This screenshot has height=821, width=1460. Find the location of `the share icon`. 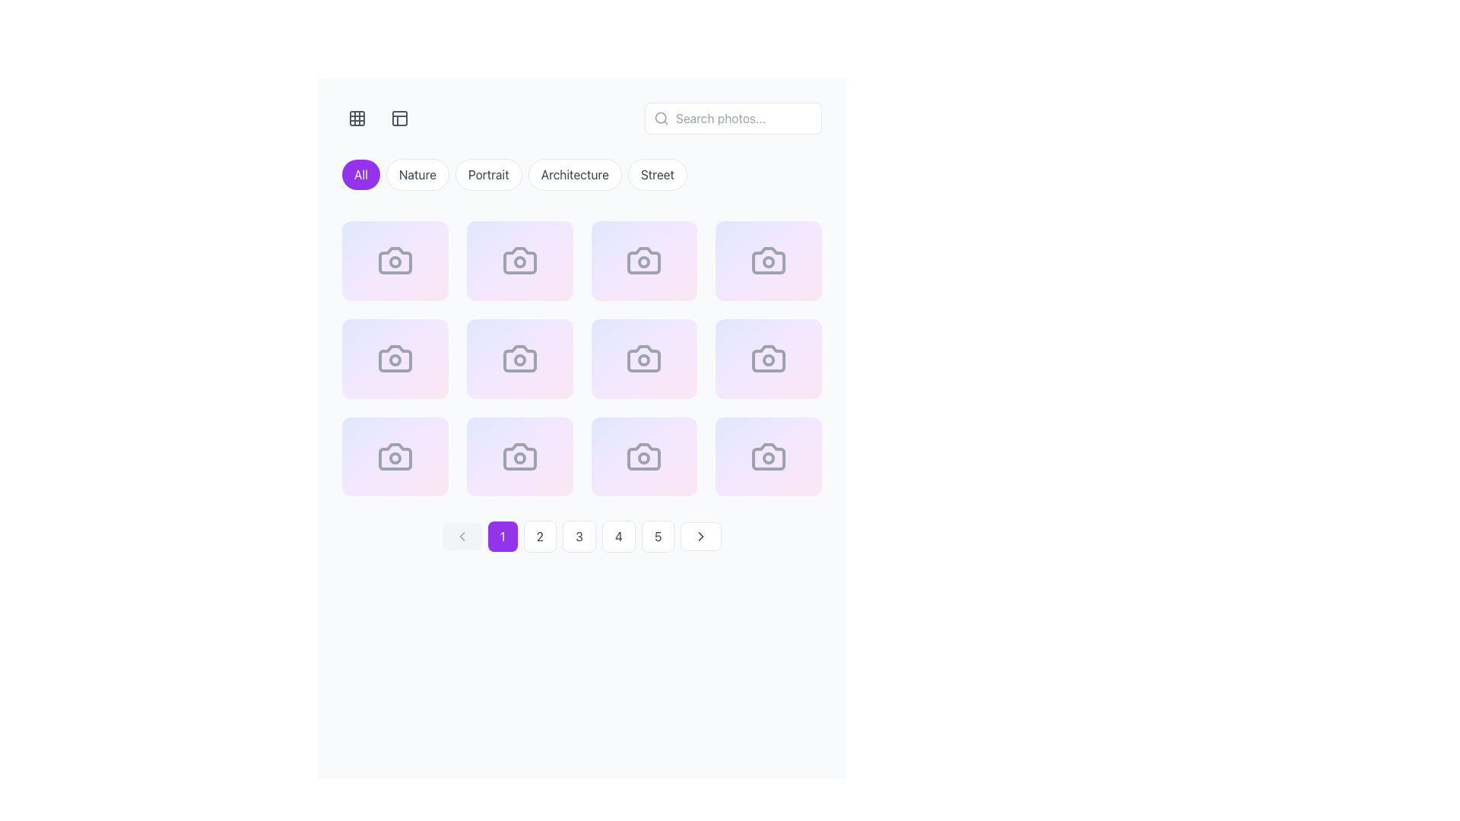

the share icon is located at coordinates (776, 373).